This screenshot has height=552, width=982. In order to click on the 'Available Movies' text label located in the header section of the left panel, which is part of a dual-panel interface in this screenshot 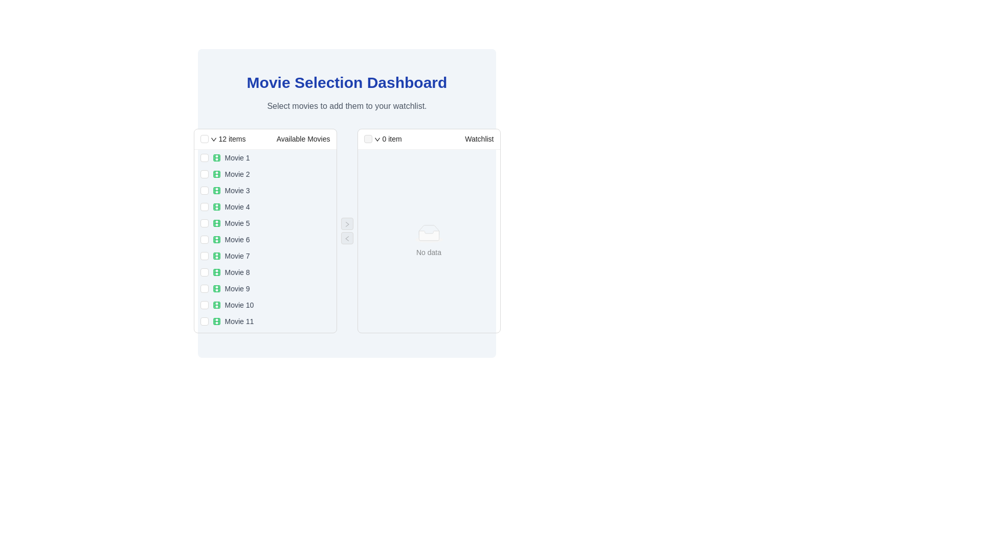, I will do `click(288, 139)`.